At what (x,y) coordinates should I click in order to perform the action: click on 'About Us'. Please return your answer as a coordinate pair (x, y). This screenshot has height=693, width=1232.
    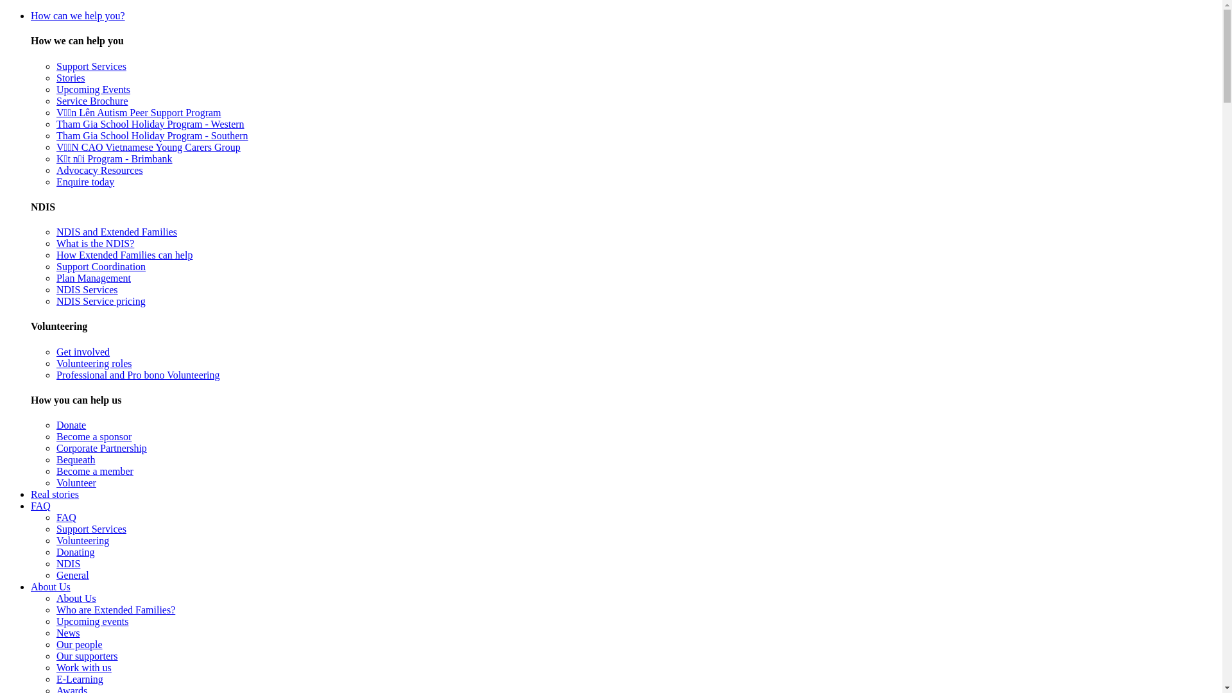
    Looking at the image, I should click on (76, 598).